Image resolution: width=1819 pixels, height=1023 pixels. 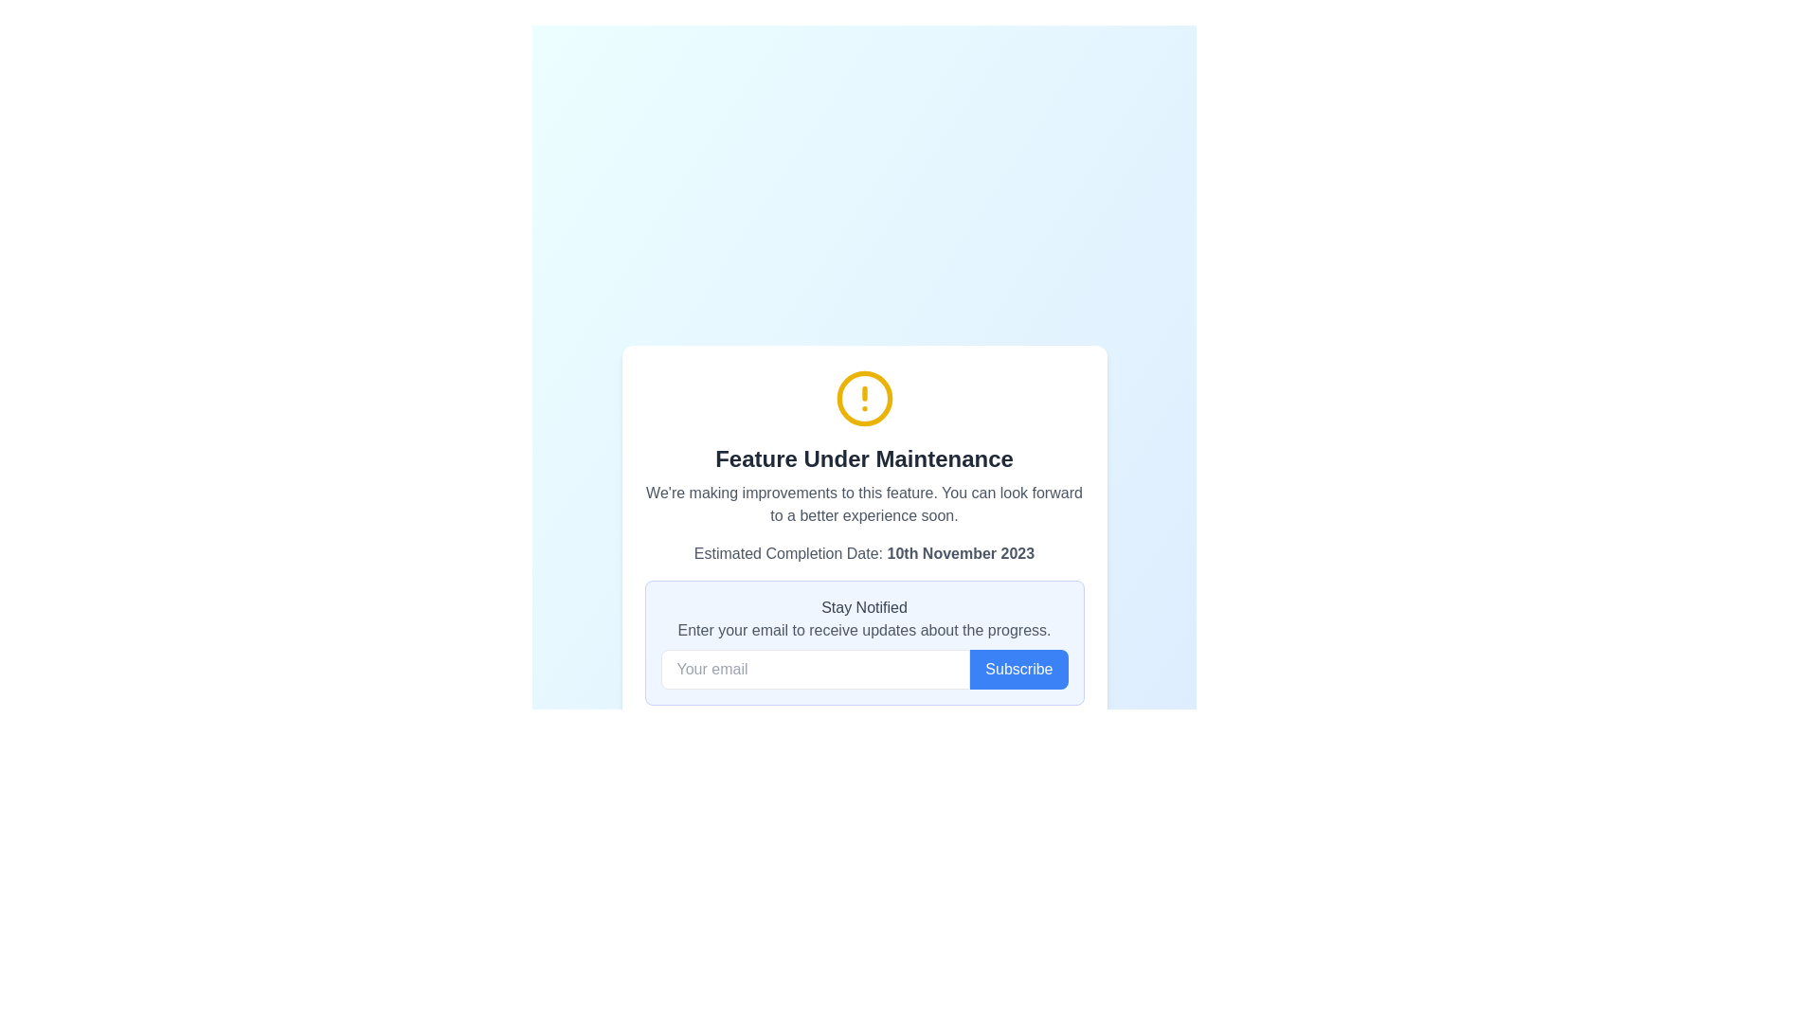 What do you see at coordinates (863, 397) in the screenshot?
I see `the alert icon located at the top of the notification card, which indicates the importance of the content associated with the 'Feature Under Maintenance' heading` at bounding box center [863, 397].